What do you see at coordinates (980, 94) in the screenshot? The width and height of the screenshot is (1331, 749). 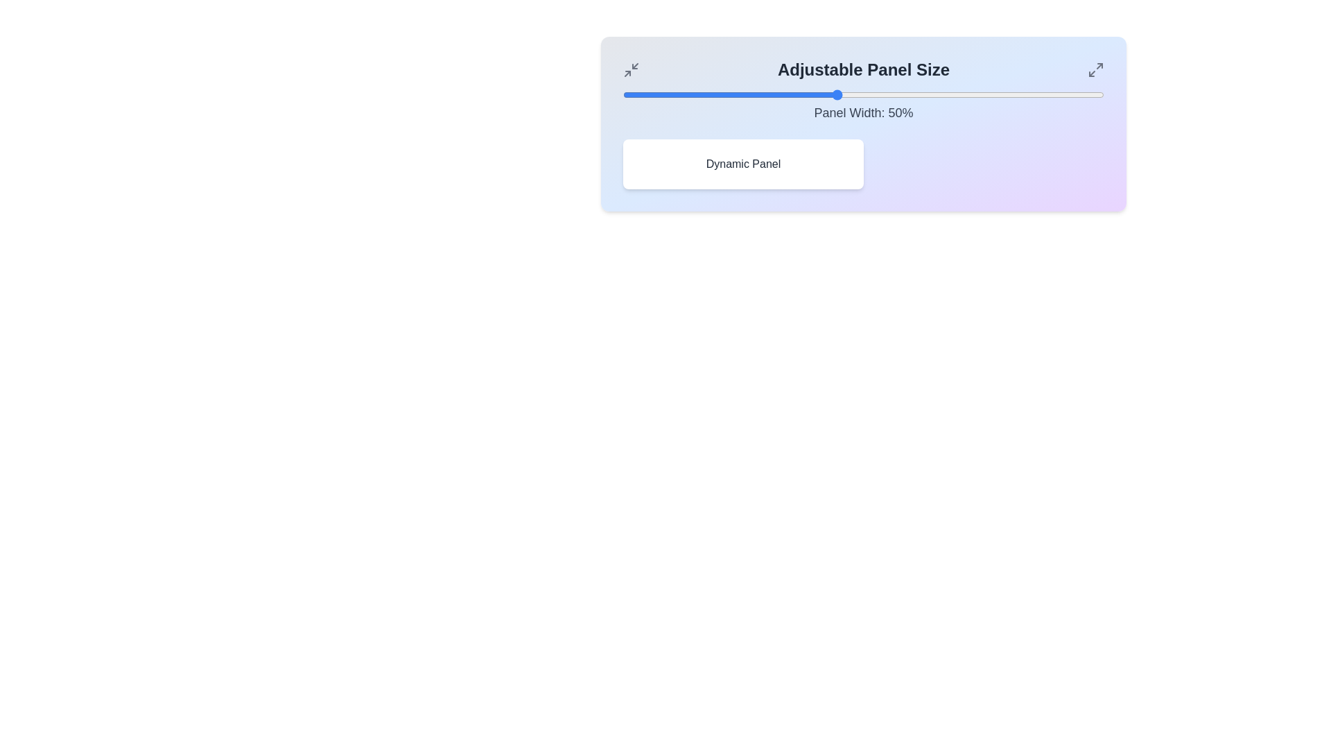 I see `the panel width` at bounding box center [980, 94].